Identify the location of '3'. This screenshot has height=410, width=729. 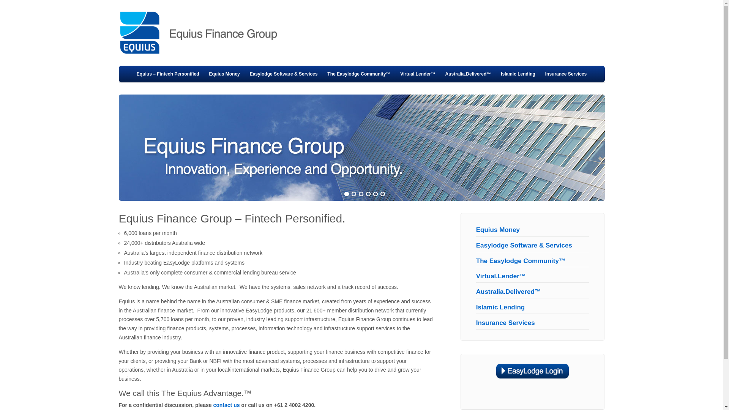
(358, 194).